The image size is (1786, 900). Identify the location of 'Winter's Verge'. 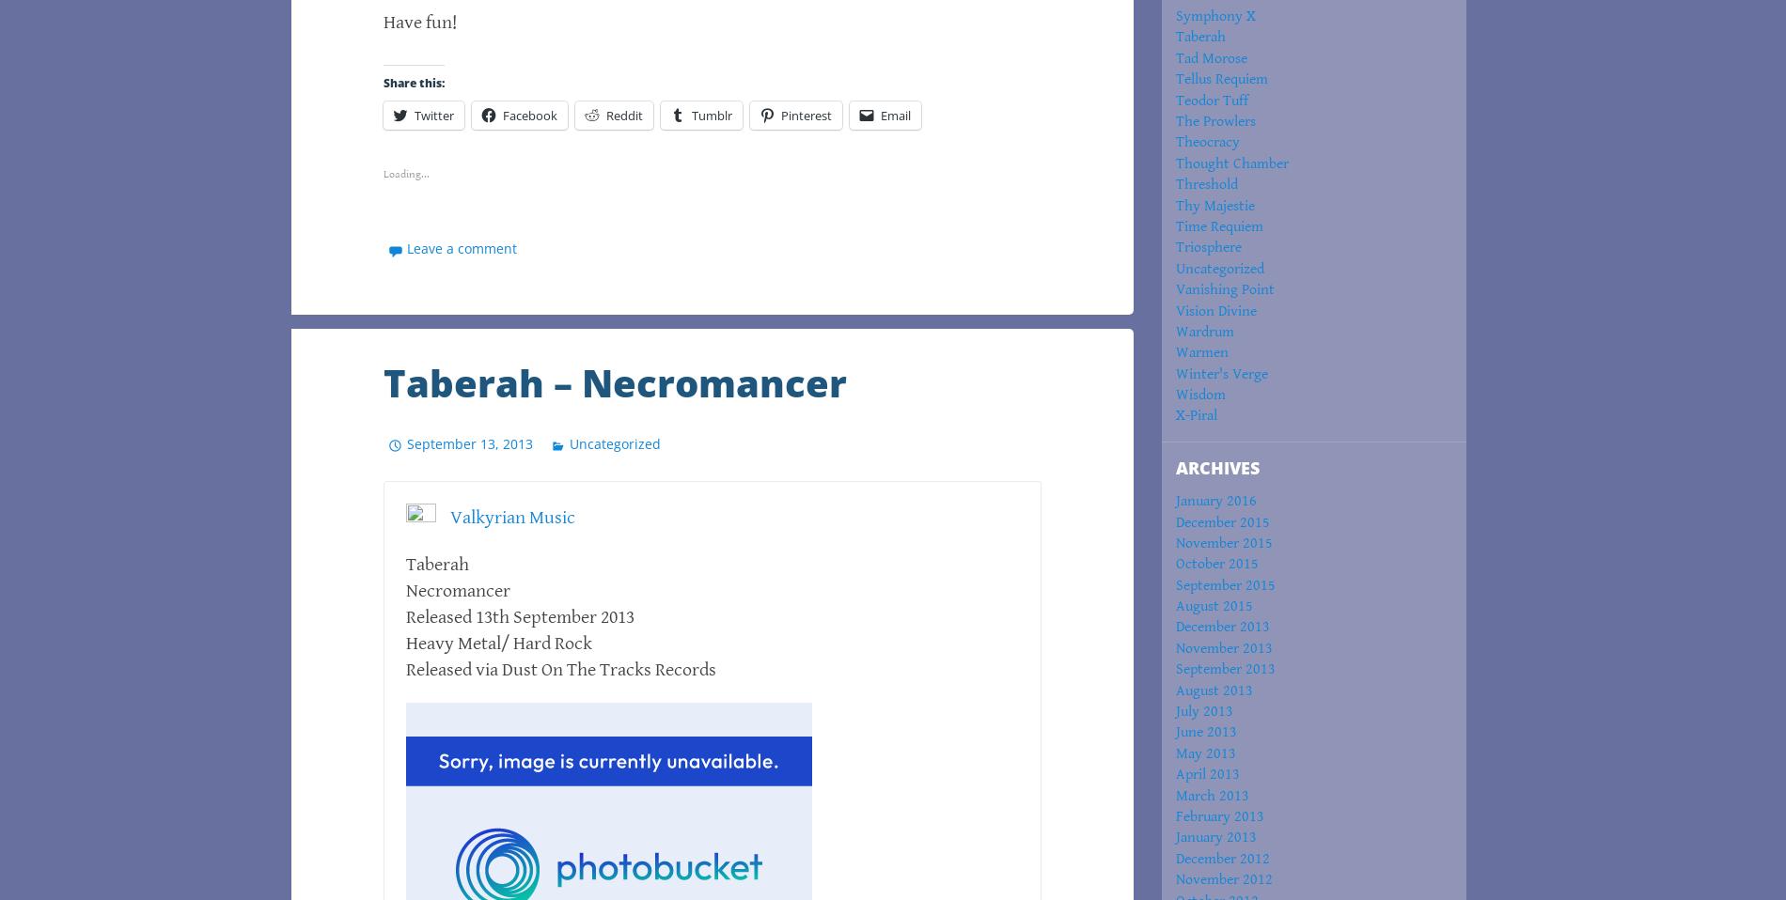
(1174, 372).